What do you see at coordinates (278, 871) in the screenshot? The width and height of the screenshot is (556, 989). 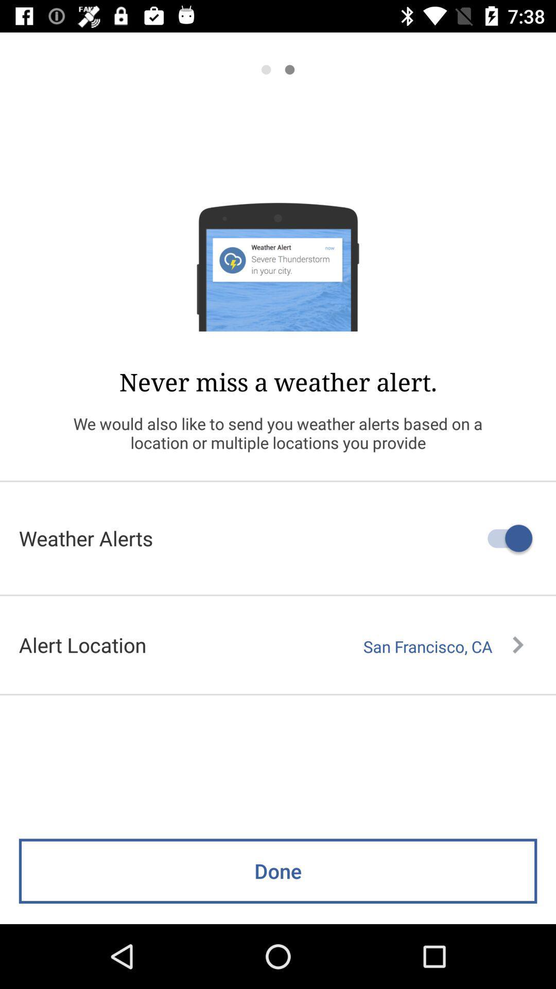 I see `done item` at bounding box center [278, 871].